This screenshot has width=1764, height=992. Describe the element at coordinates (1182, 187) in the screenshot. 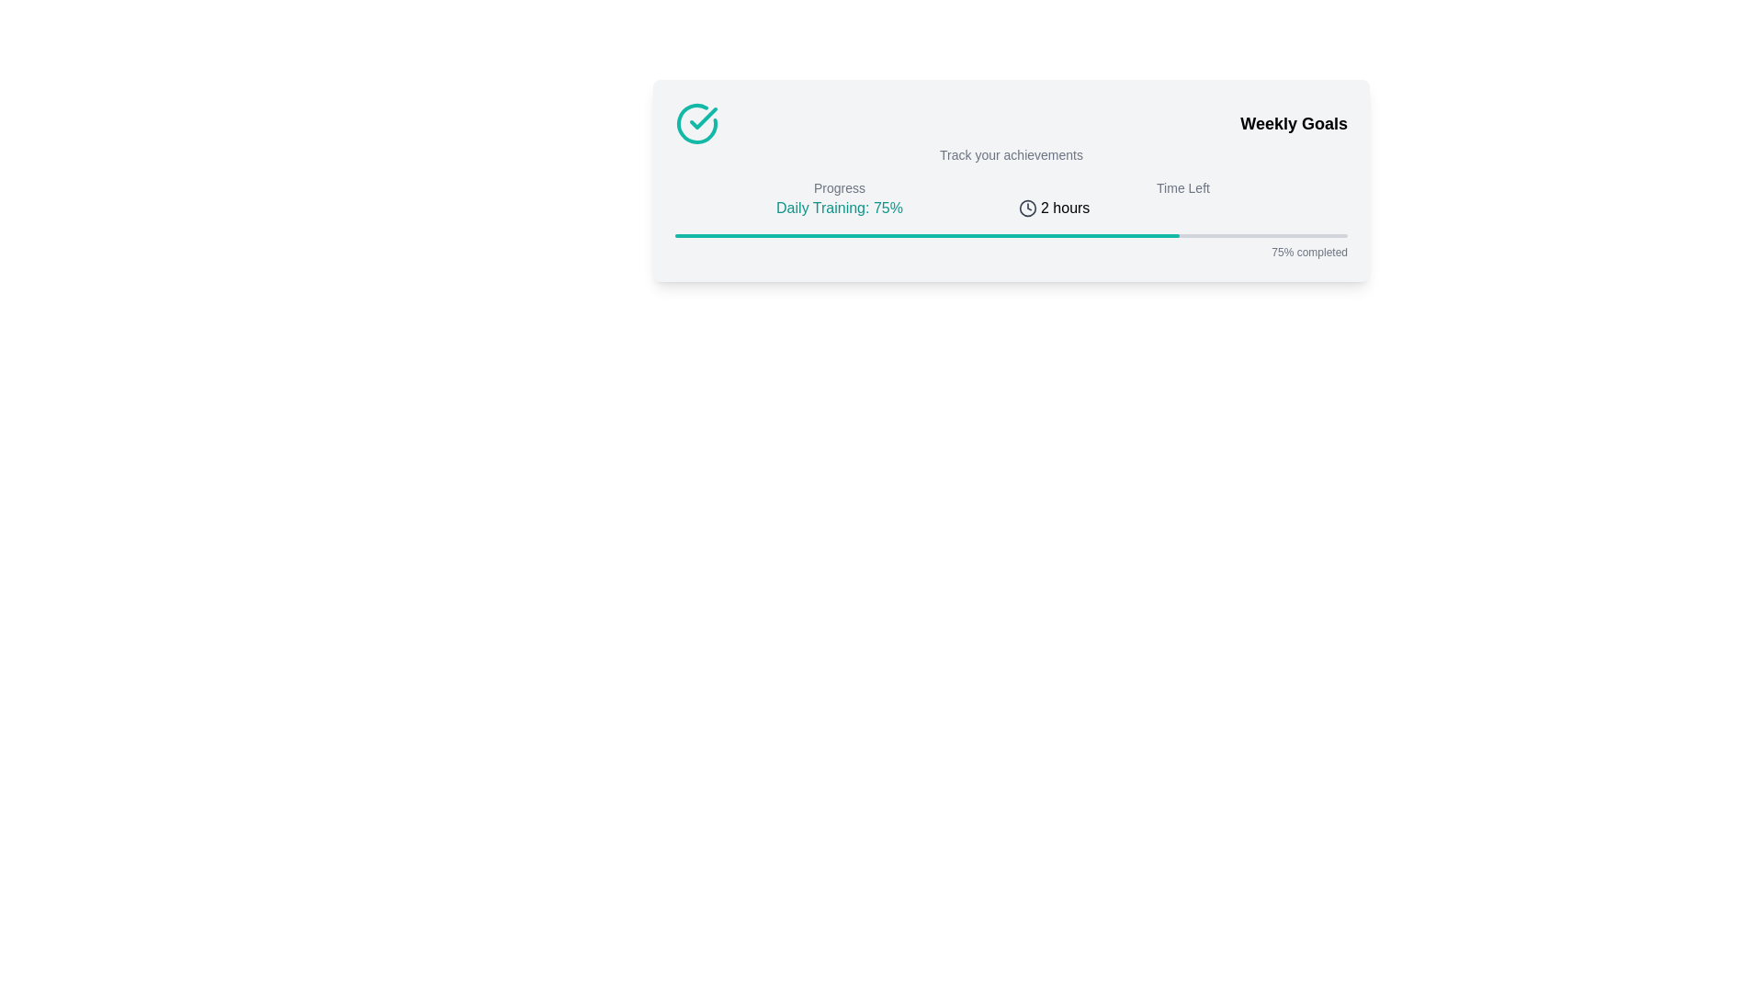

I see `the Static Text Label displaying 'Time Left', which is positioned above the '2 hours' text in the weekly goals progress section` at that location.